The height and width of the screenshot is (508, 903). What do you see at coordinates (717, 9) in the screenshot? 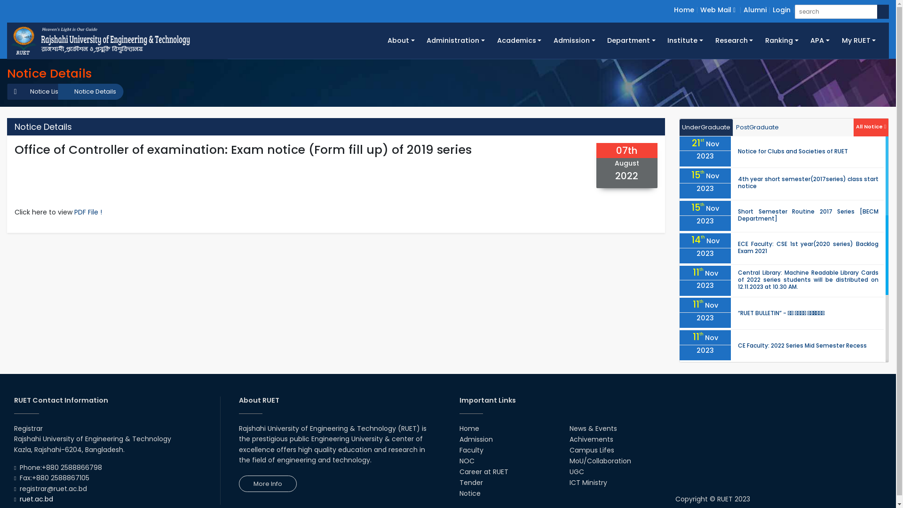
I see `'Web Mail'` at bounding box center [717, 9].